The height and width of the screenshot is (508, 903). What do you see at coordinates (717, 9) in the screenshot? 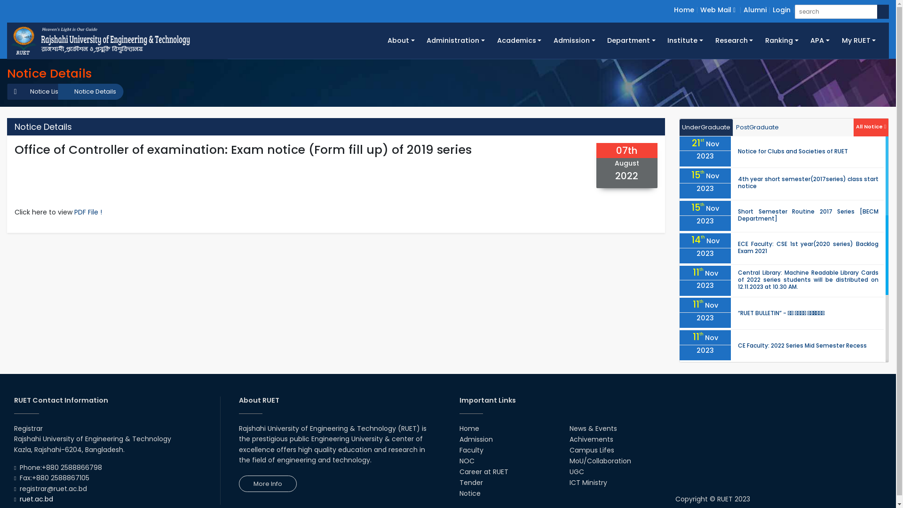
I see `'Web Mail'` at bounding box center [717, 9].